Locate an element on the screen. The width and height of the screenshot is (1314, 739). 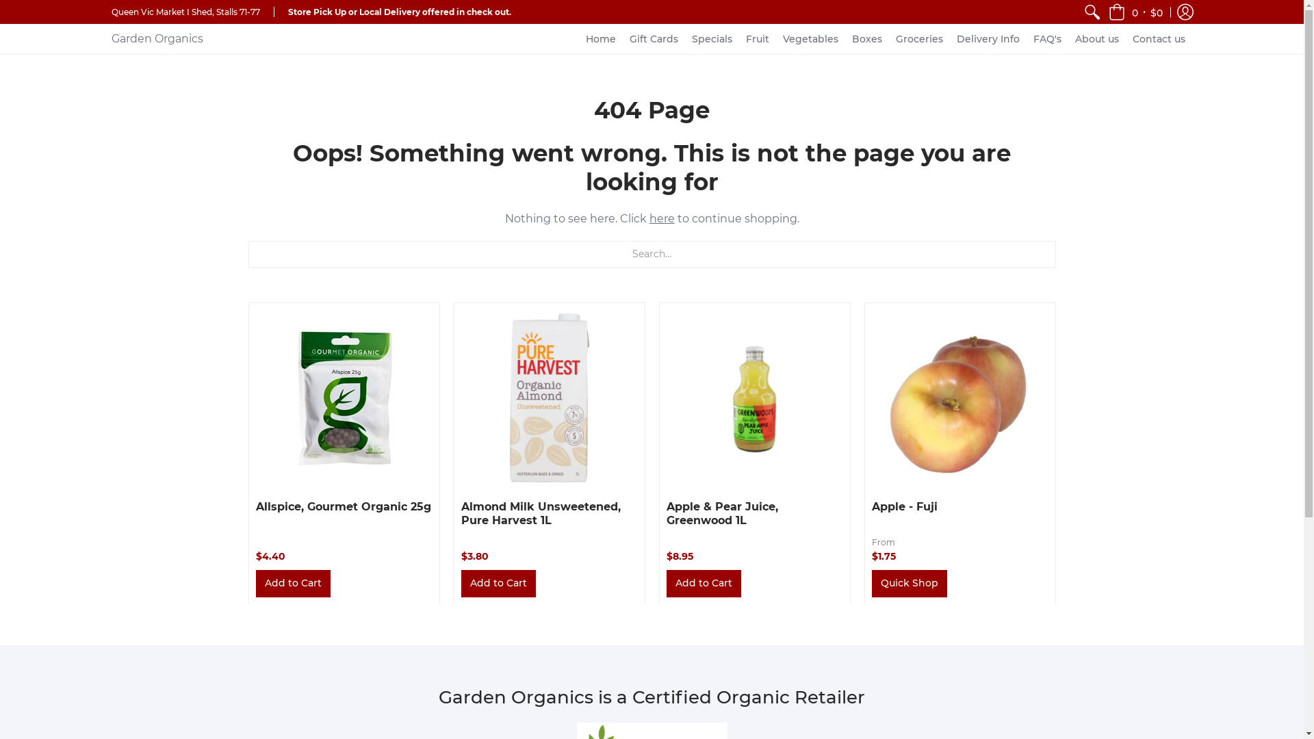
'Allspice, Gourmet Organic 25g' is located at coordinates (344, 506).